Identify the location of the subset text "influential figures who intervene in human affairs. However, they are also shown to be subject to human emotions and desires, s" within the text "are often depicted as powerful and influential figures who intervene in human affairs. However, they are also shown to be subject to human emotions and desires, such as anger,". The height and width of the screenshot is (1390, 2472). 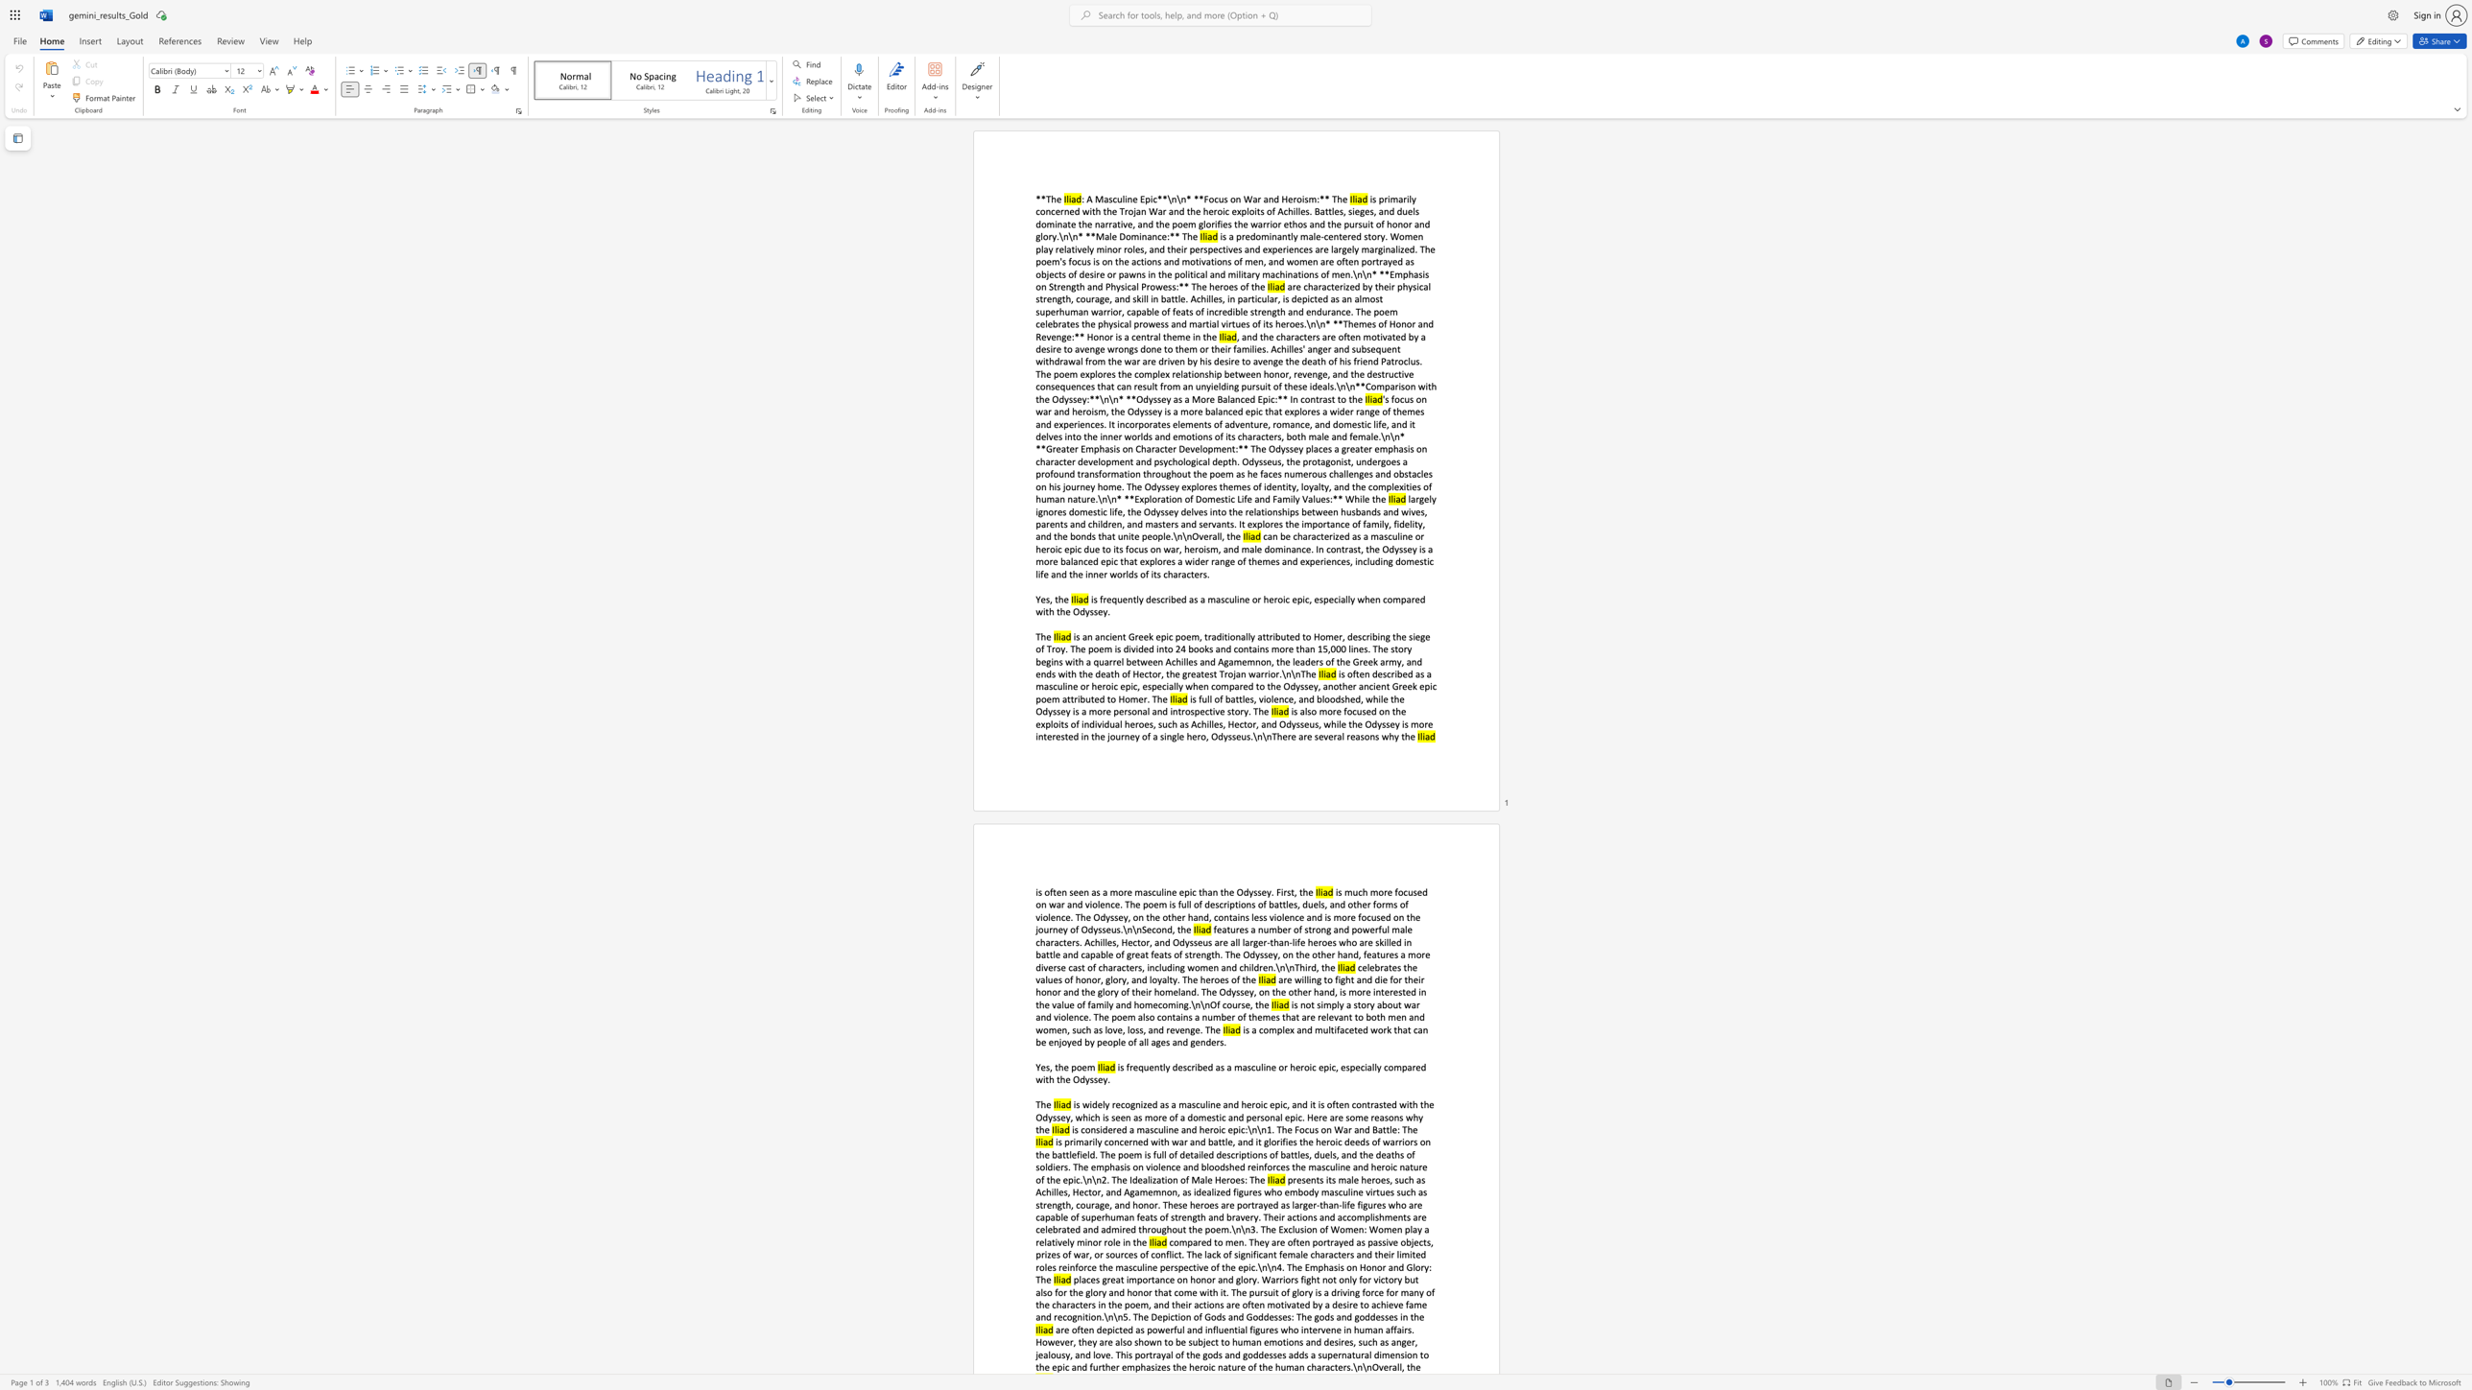
(1203, 1329).